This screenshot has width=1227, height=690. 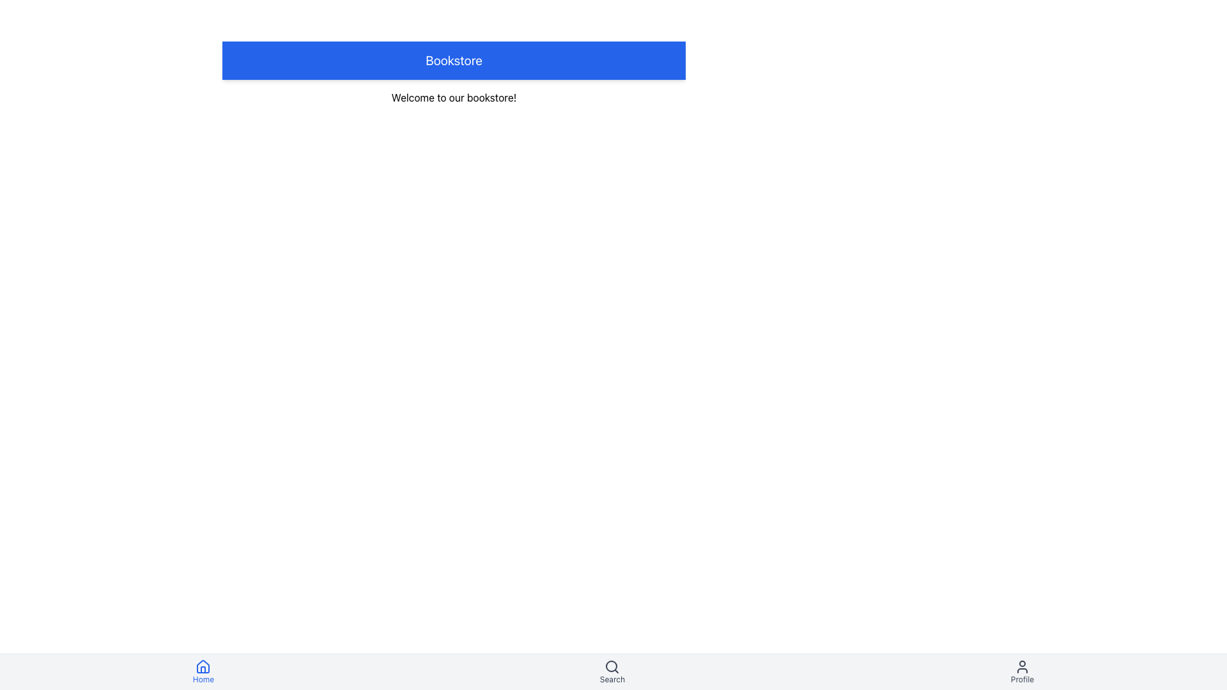 What do you see at coordinates (203, 666) in the screenshot?
I see `the house icon in the bottom navigation bar` at bounding box center [203, 666].